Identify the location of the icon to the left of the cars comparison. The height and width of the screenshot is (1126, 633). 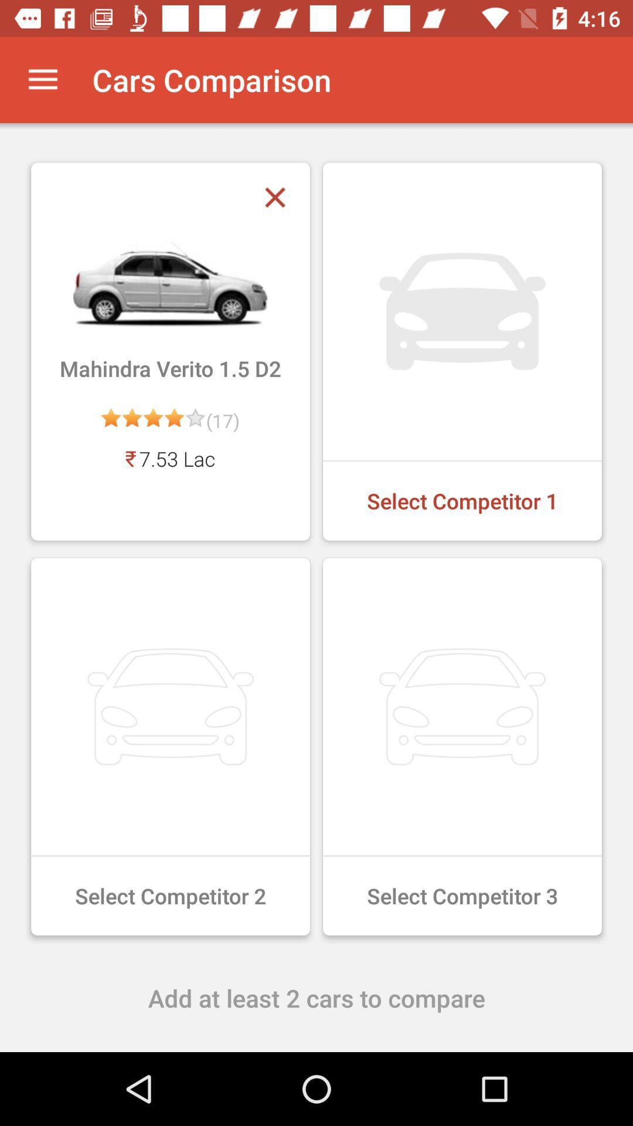
(42, 79).